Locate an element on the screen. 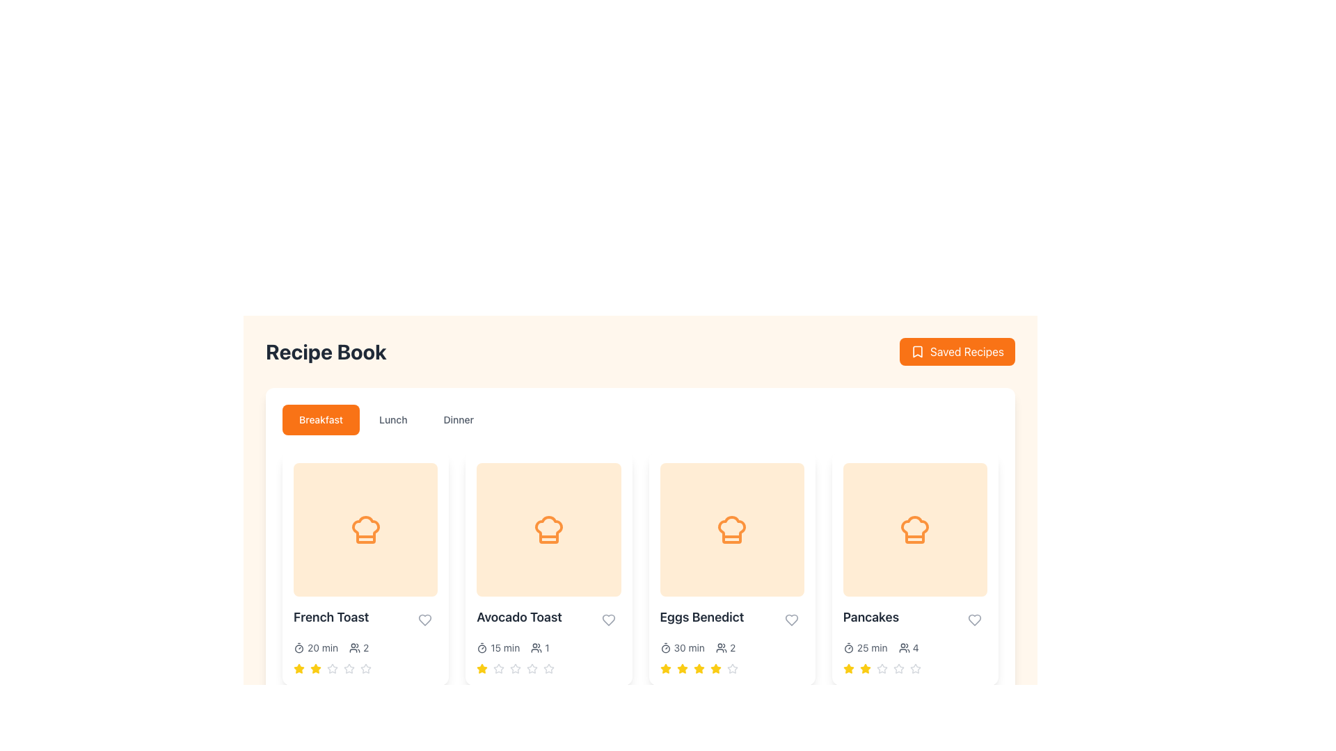 Image resolution: width=1336 pixels, height=751 pixels. information displayed in the text label at the lower section of the 'French Toast' recipe card, which includes the estimated preparation time ('20 min') and serving size ('2') is located at coordinates (365, 648).